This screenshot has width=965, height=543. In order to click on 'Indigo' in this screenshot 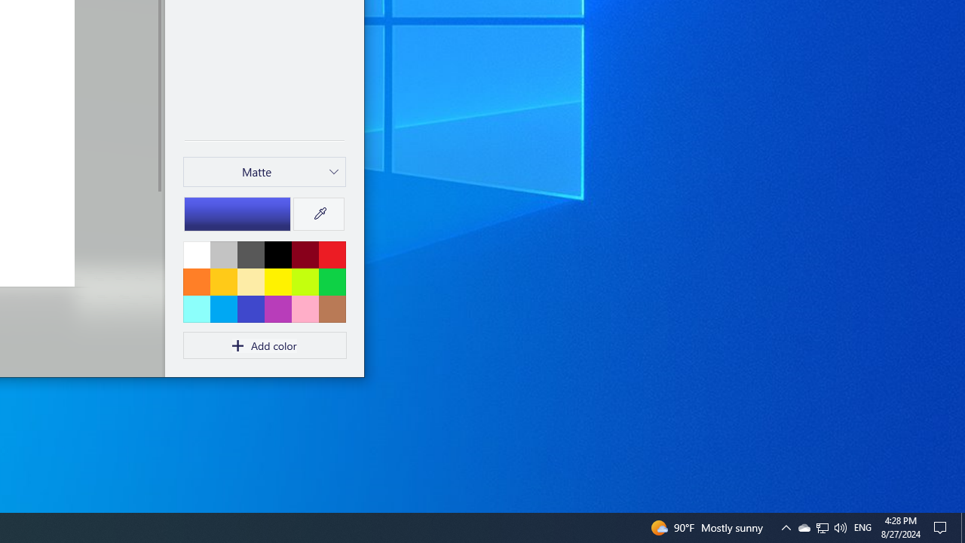, I will do `click(250, 308)`.